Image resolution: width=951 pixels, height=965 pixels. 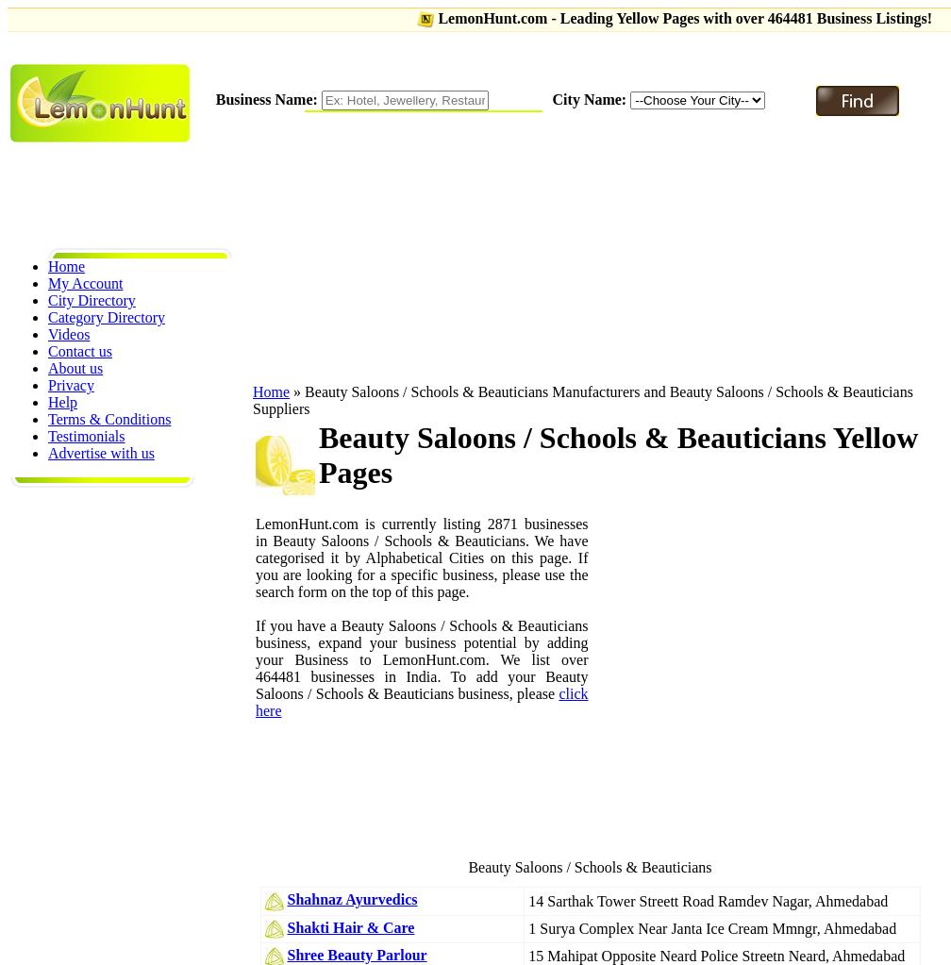 What do you see at coordinates (716, 955) in the screenshot?
I see `'15 Mahipat Opposite Neard Police Streetn Neard, Ahmedabad'` at bounding box center [716, 955].